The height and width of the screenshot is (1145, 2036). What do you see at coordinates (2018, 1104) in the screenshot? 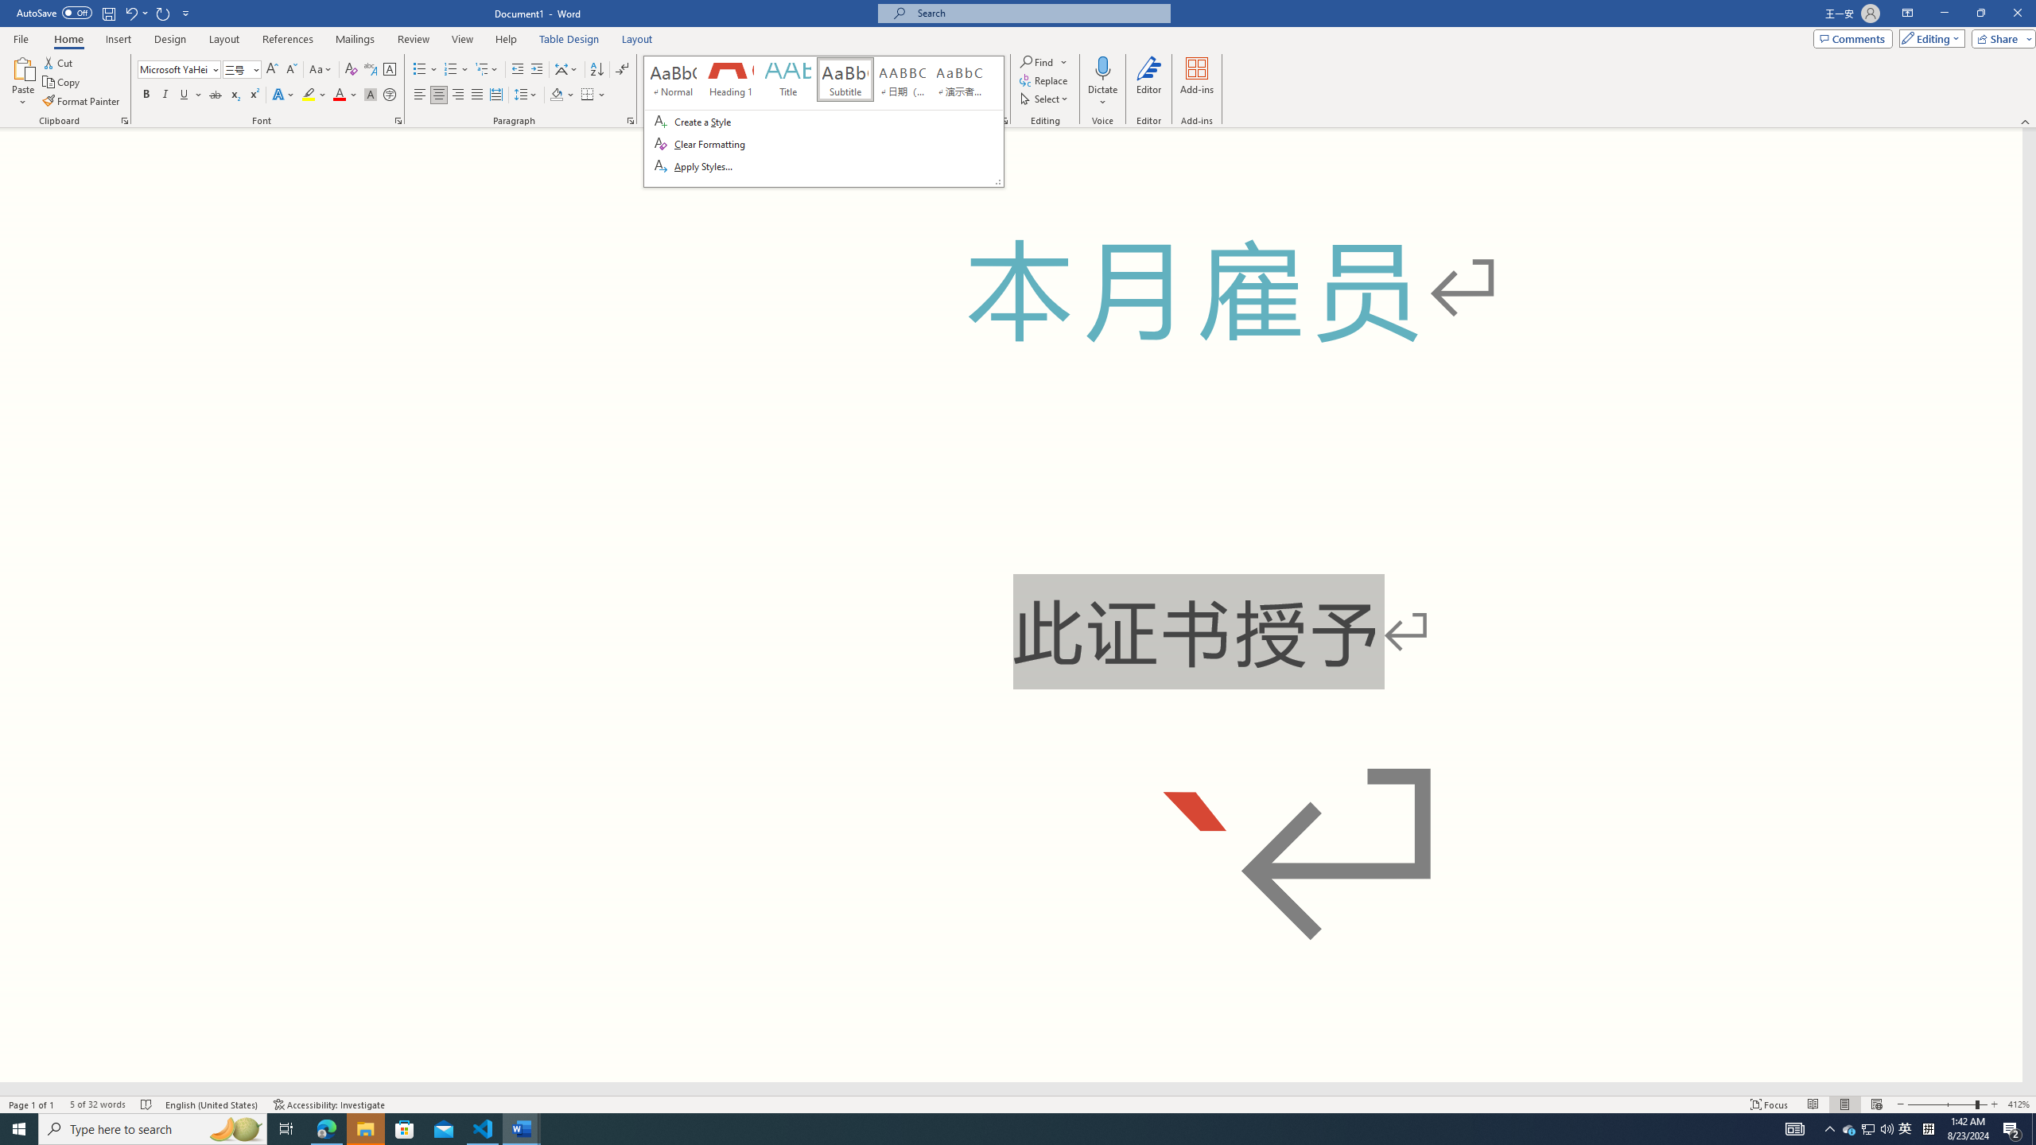
I see `'Zoom 412%'` at bounding box center [2018, 1104].